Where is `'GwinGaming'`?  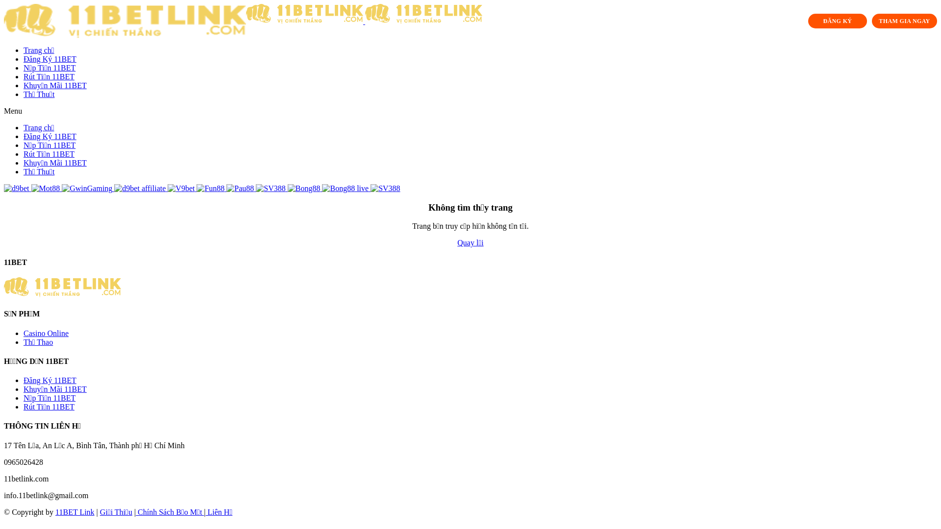 'GwinGaming' is located at coordinates (88, 188).